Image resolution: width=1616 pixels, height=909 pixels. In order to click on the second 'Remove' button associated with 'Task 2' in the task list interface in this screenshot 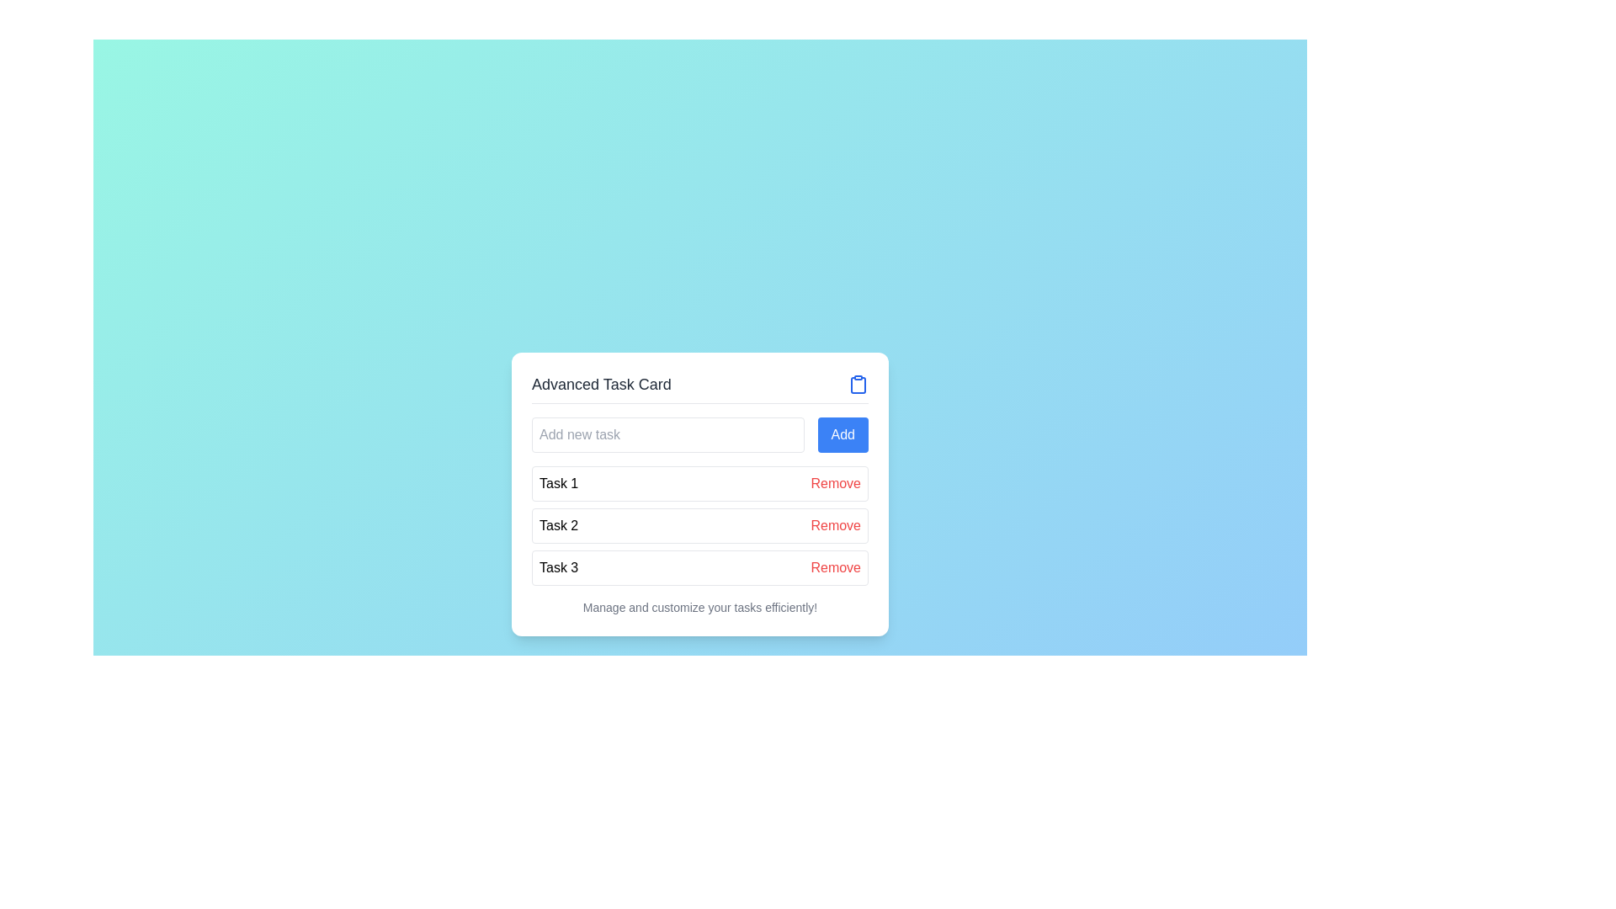, I will do `click(836, 524)`.